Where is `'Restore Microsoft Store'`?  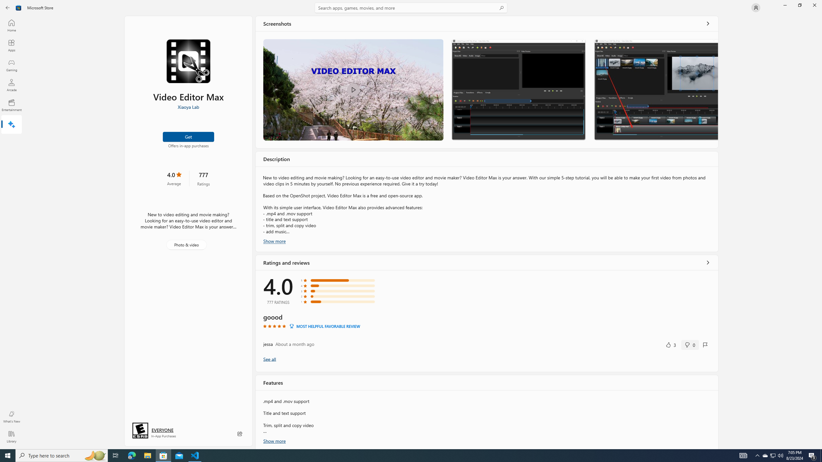 'Restore Microsoft Store' is located at coordinates (800, 5).